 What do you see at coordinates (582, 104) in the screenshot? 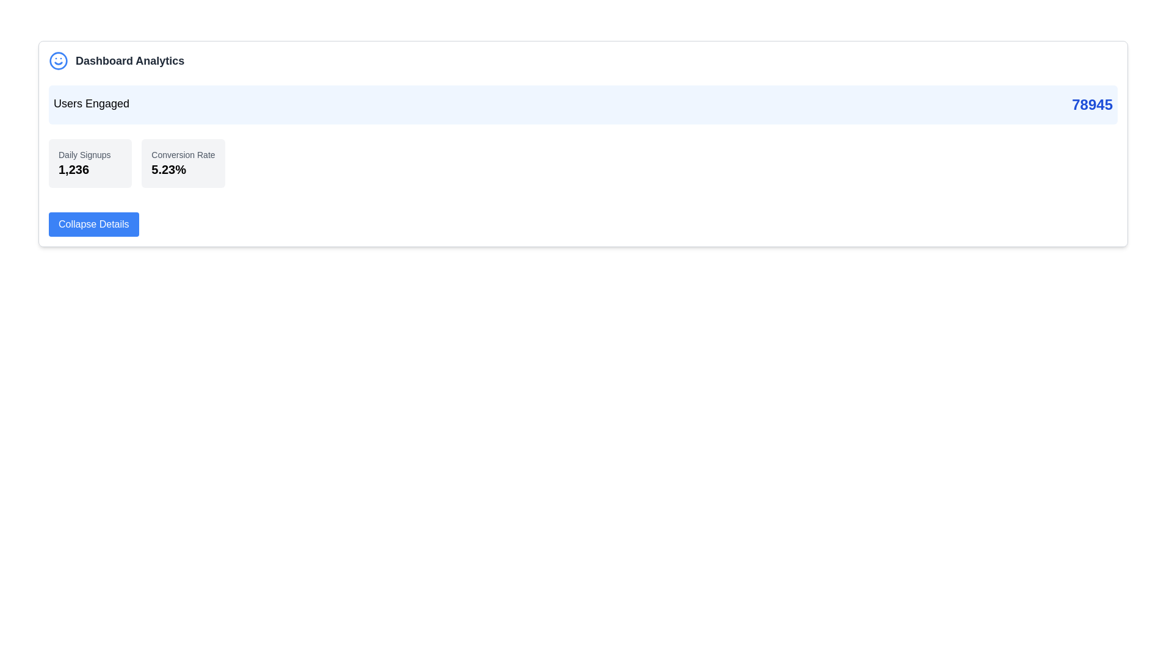
I see `the Informational display panel, which has a light blue background, rounded corners, and displays 'Users Engaged' and '78945'` at bounding box center [582, 104].